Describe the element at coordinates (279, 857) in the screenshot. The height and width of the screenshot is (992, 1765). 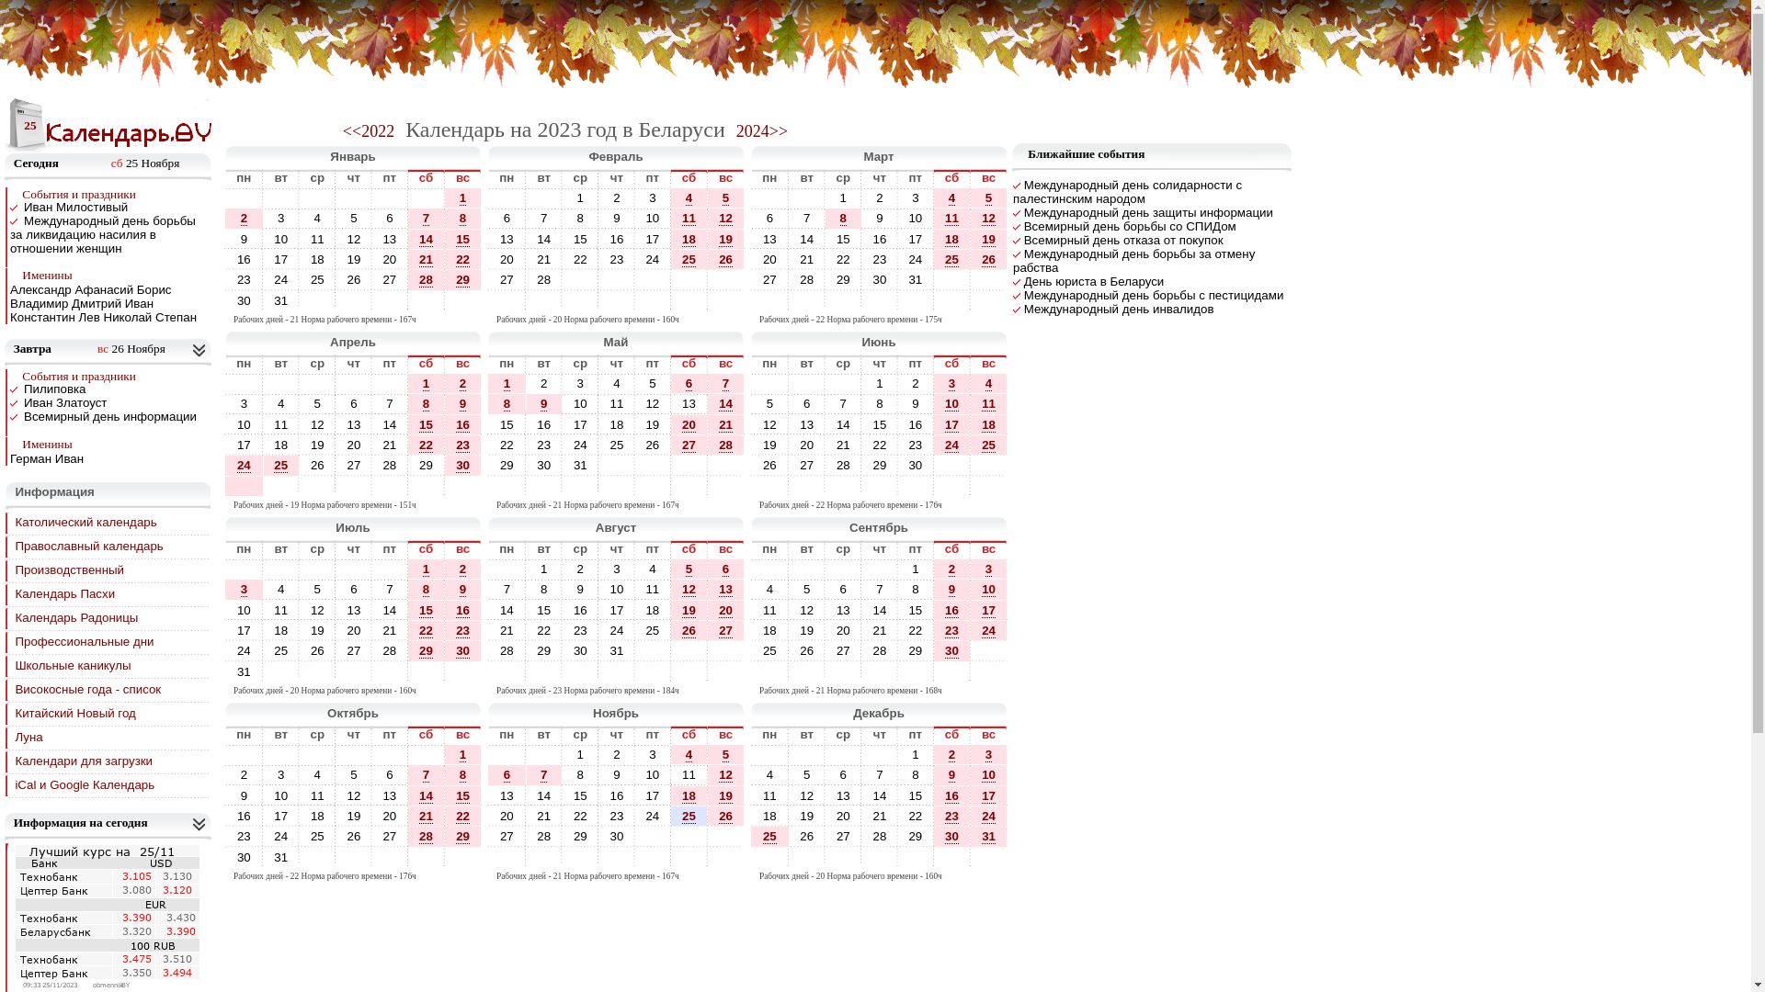
I see `'31'` at that location.